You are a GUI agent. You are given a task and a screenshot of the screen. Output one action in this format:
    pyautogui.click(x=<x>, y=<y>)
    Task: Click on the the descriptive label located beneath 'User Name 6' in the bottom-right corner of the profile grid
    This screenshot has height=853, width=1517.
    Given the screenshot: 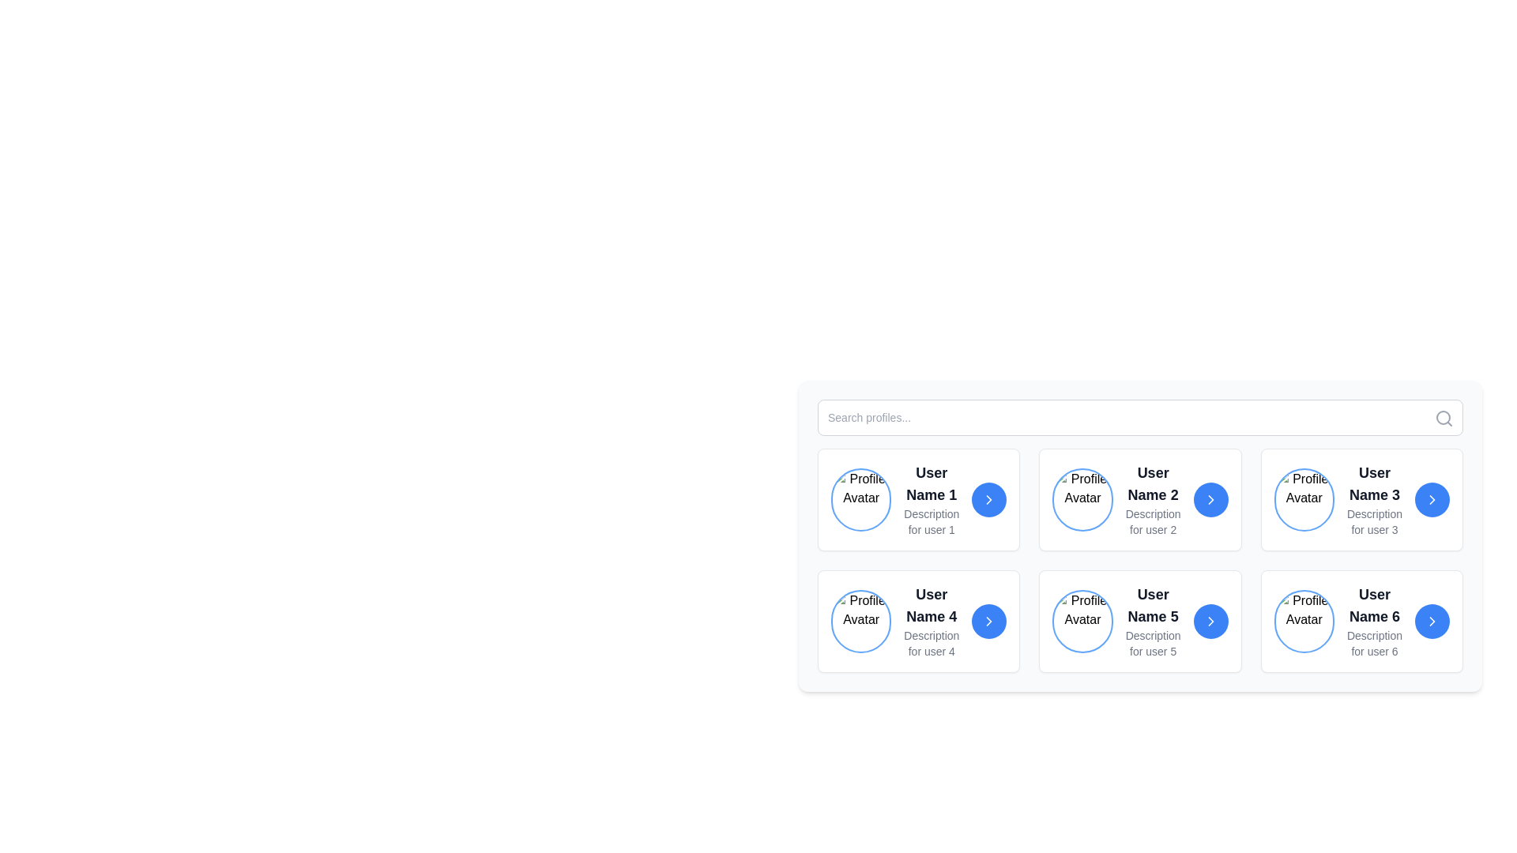 What is the action you would take?
    pyautogui.click(x=1373, y=643)
    